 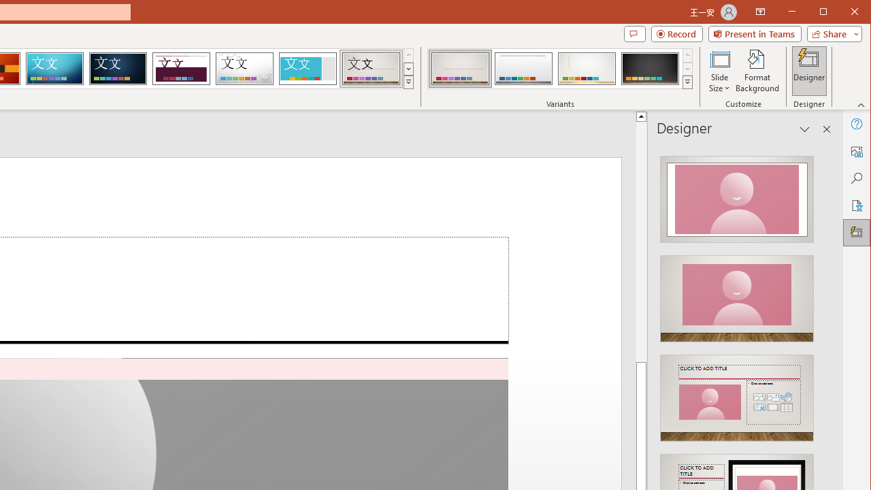 What do you see at coordinates (809, 71) in the screenshot?
I see `'Designer'` at bounding box center [809, 71].